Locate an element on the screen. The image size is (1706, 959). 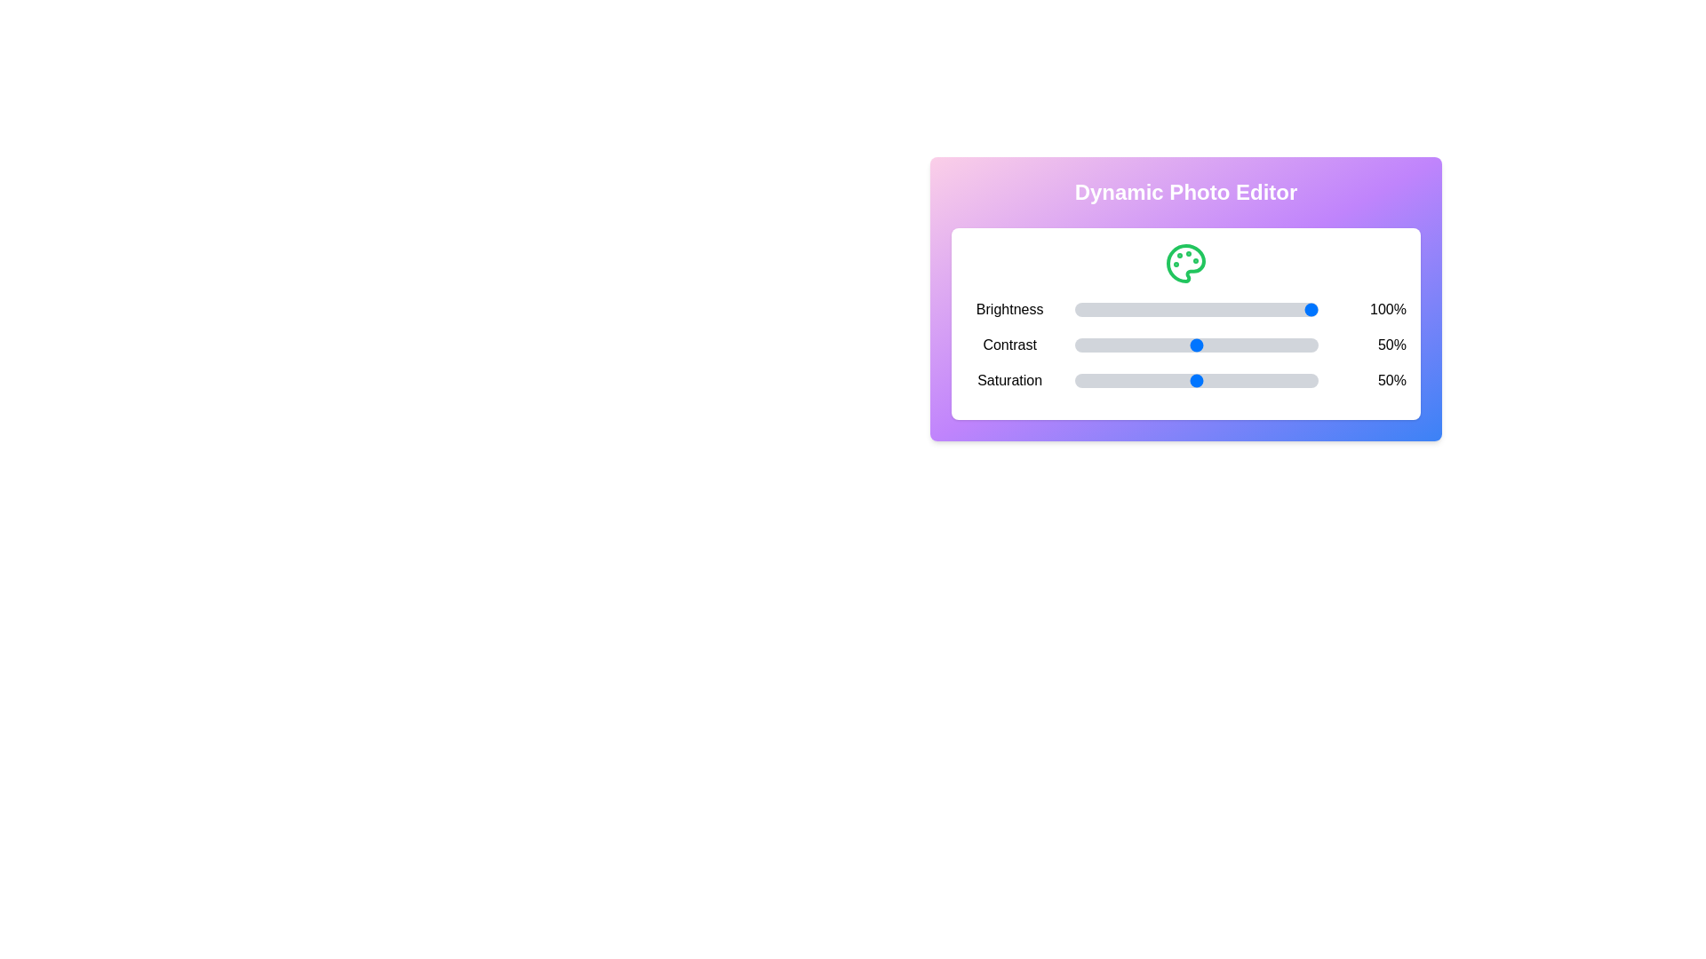
the Contrast slider to set its value to 22 is located at coordinates (1128, 345).